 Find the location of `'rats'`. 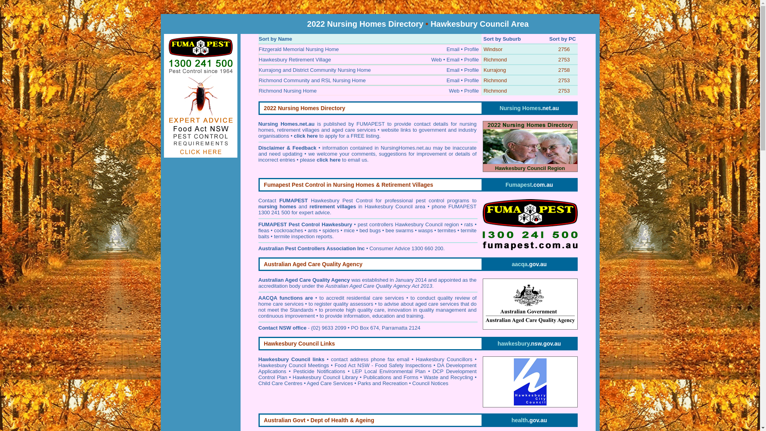

'rats' is located at coordinates (469, 224).